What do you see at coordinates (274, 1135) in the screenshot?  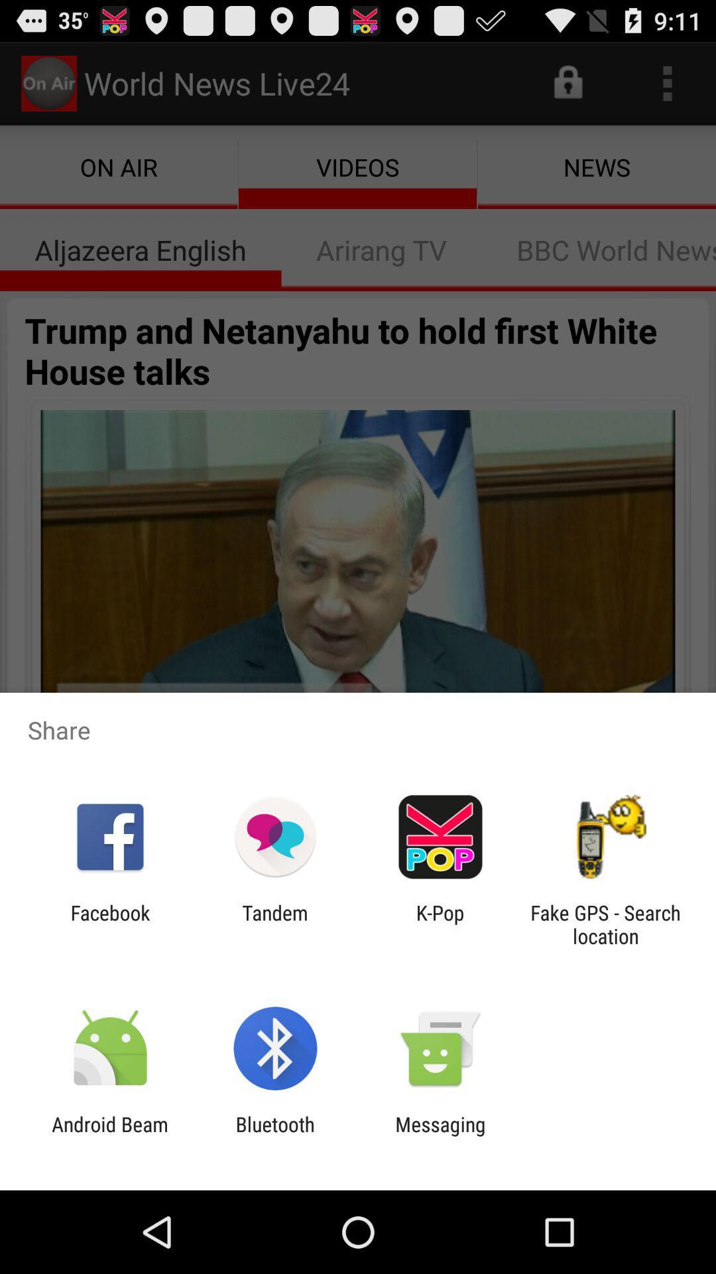 I see `app to the right of android beam` at bounding box center [274, 1135].